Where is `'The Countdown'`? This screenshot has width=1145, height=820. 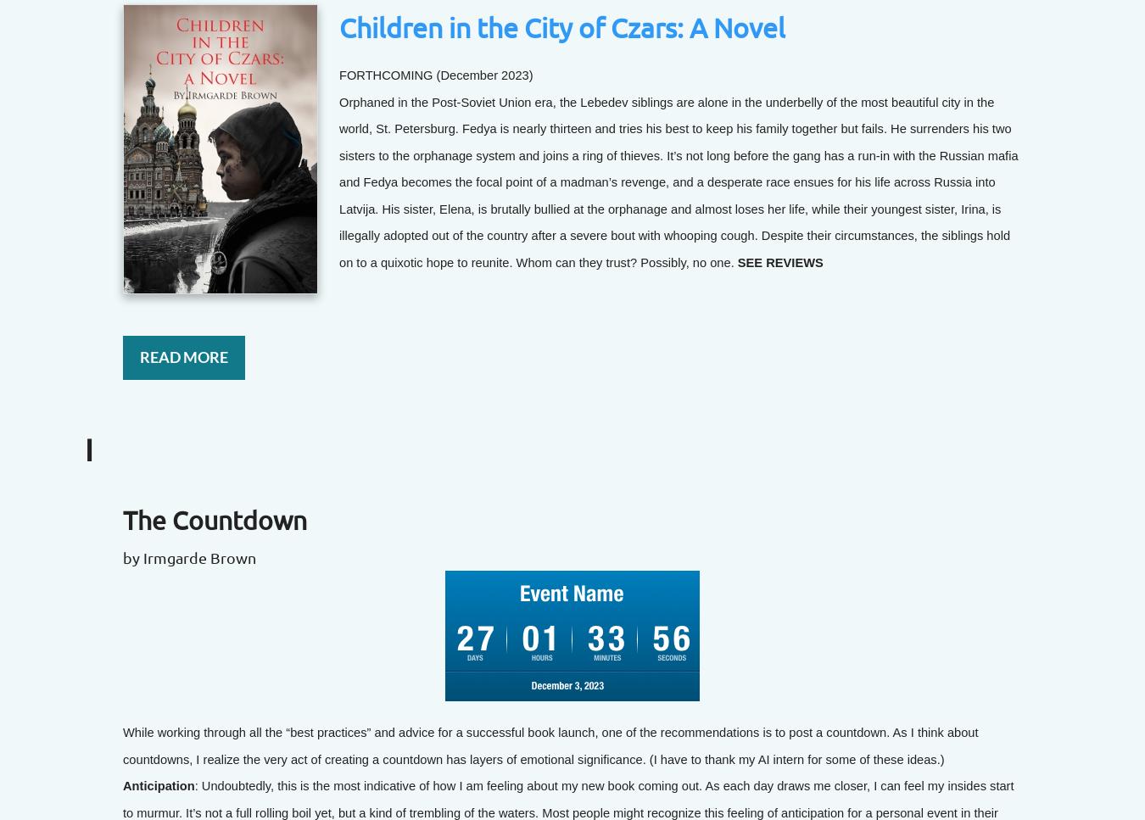
'The Countdown' is located at coordinates (214, 519).